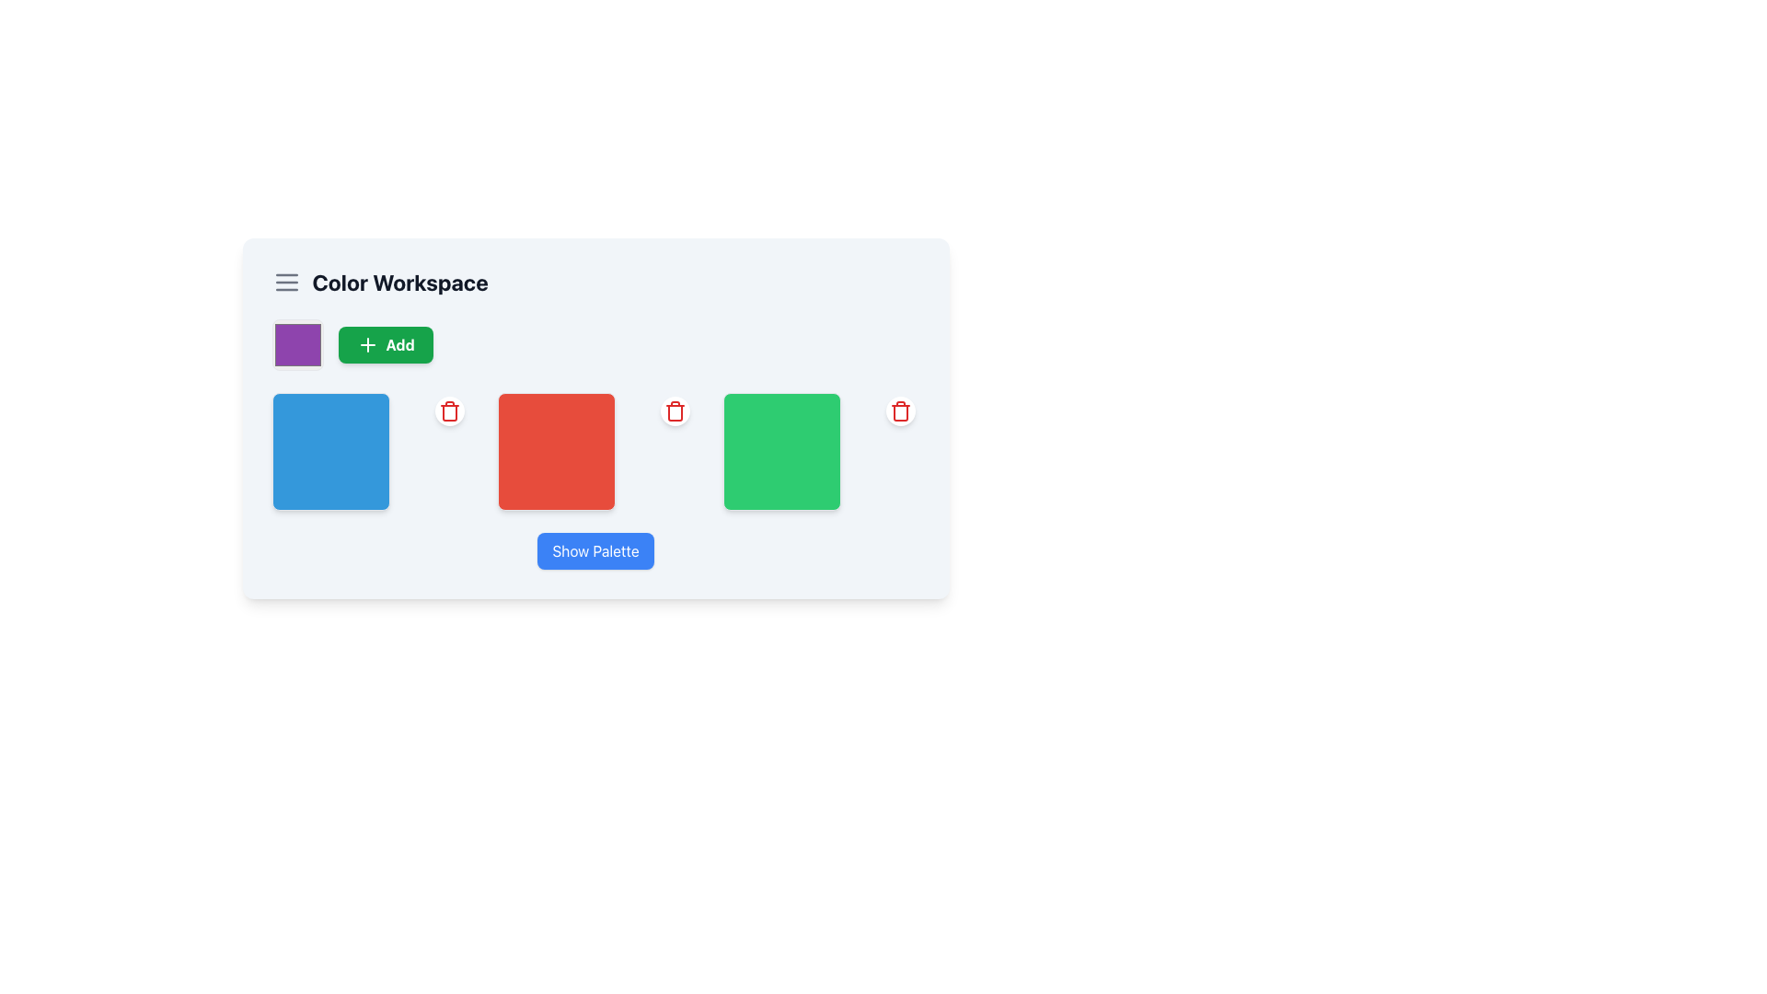 This screenshot has width=1767, height=994. What do you see at coordinates (595, 451) in the screenshot?
I see `the red square with rounded corners, which is the second item in a grid layout of three squares, positioned centrally with a glossy visual feel` at bounding box center [595, 451].